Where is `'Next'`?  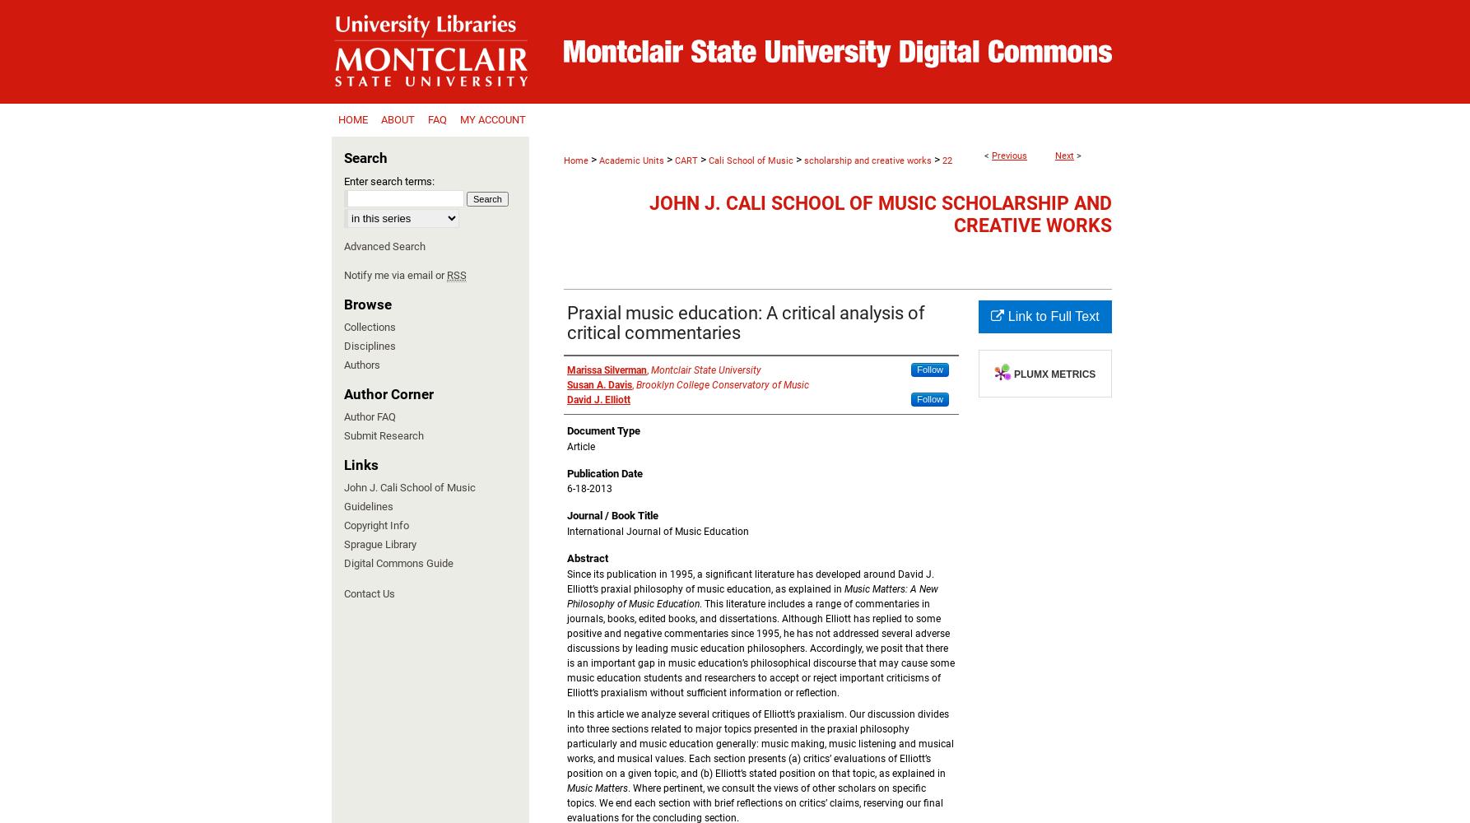
'Next' is located at coordinates (1054, 155).